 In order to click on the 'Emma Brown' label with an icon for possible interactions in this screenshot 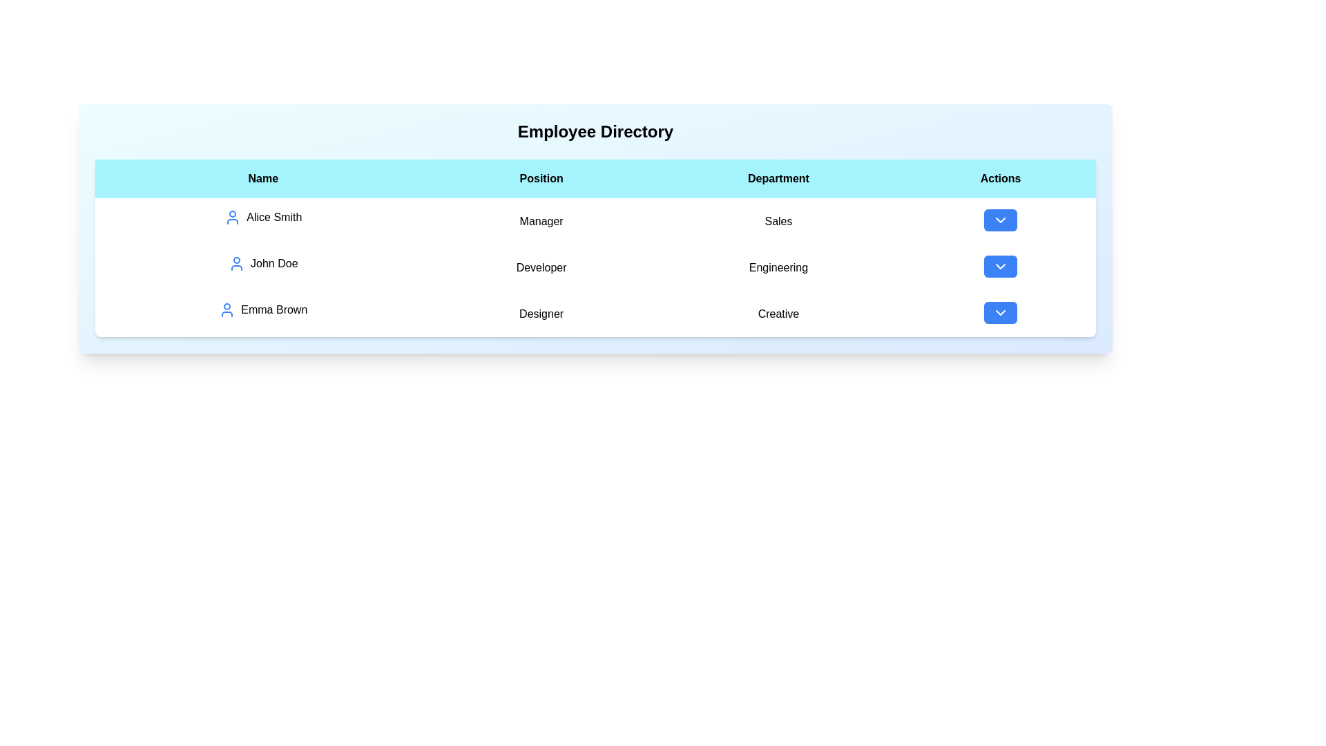, I will do `click(263, 309)`.